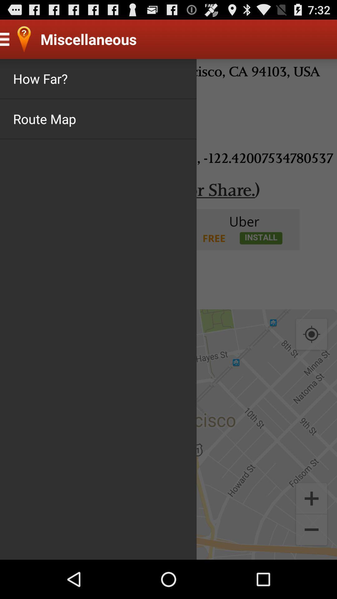 The width and height of the screenshot is (337, 599). Describe the element at coordinates (311, 568) in the screenshot. I see `the minus icon` at that location.